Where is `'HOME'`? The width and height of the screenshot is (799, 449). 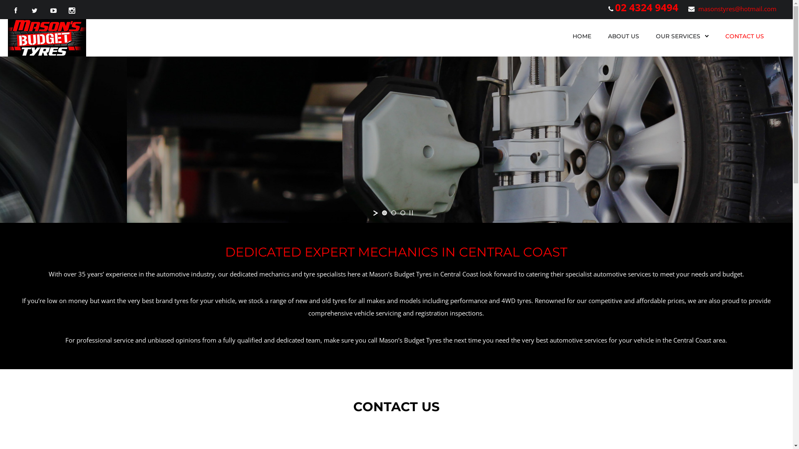
'HOME' is located at coordinates (572, 36).